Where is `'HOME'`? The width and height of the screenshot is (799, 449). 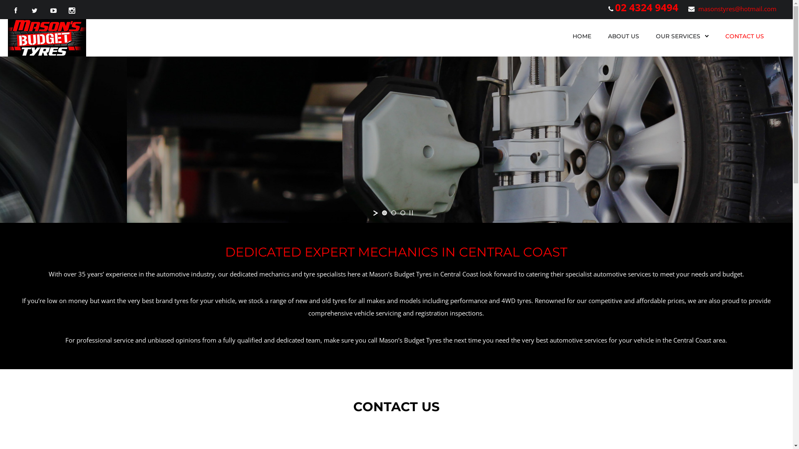
'HOME' is located at coordinates (572, 36).